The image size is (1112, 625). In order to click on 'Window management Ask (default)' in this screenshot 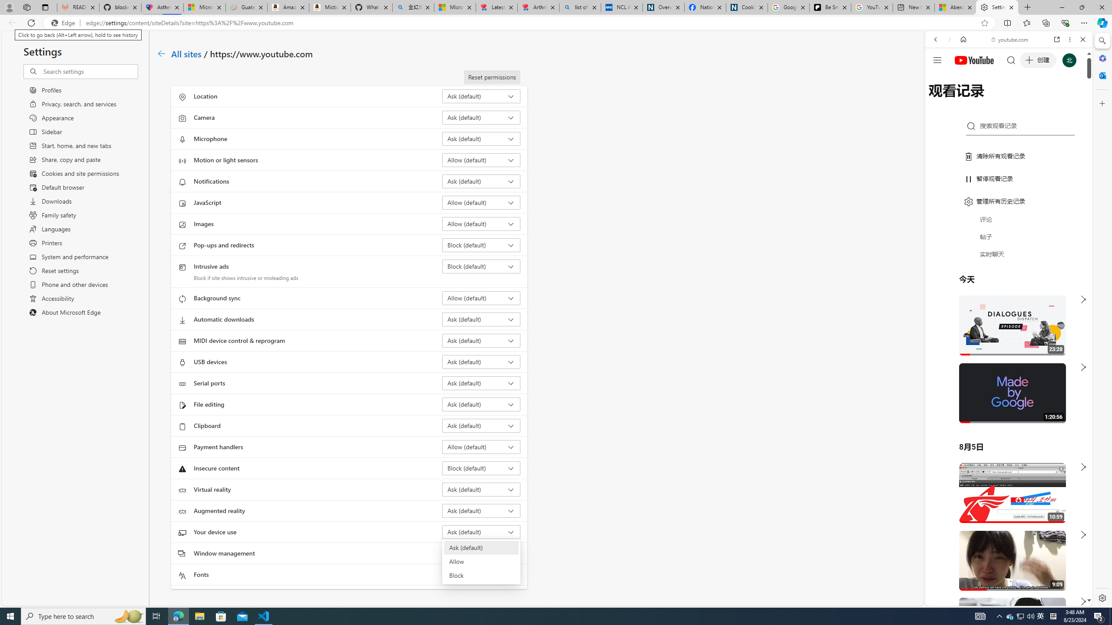, I will do `click(481, 553)`.